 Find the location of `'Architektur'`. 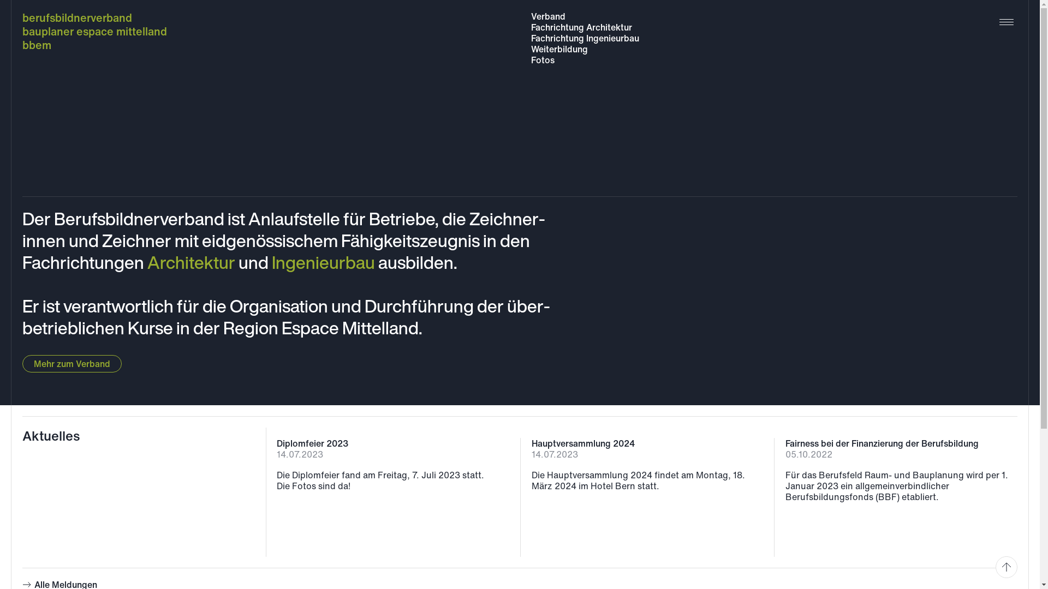

'Architektur' is located at coordinates (146, 262).